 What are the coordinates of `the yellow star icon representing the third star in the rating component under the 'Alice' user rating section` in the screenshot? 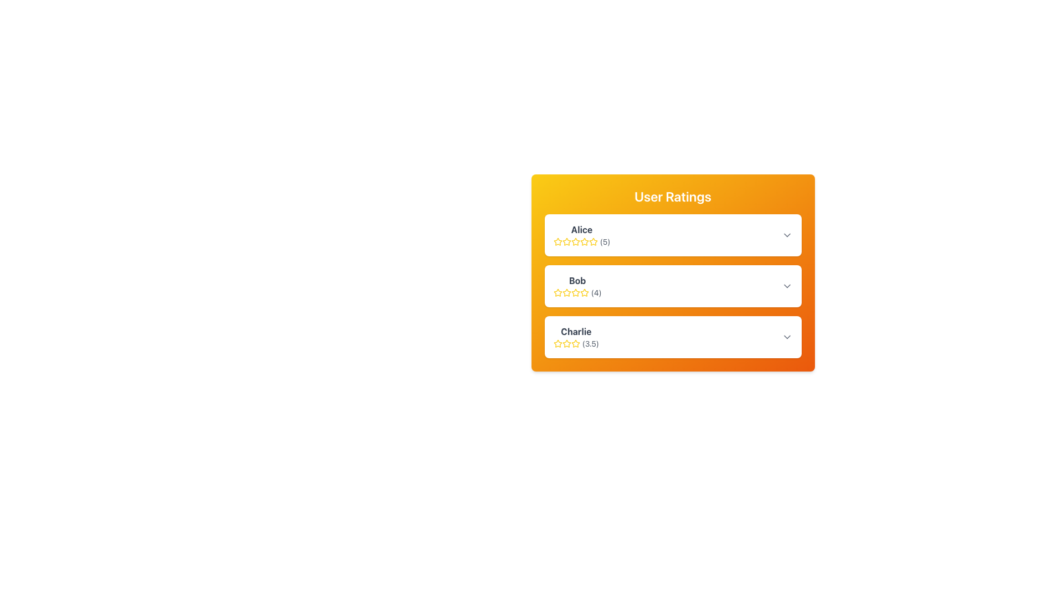 It's located at (584, 241).